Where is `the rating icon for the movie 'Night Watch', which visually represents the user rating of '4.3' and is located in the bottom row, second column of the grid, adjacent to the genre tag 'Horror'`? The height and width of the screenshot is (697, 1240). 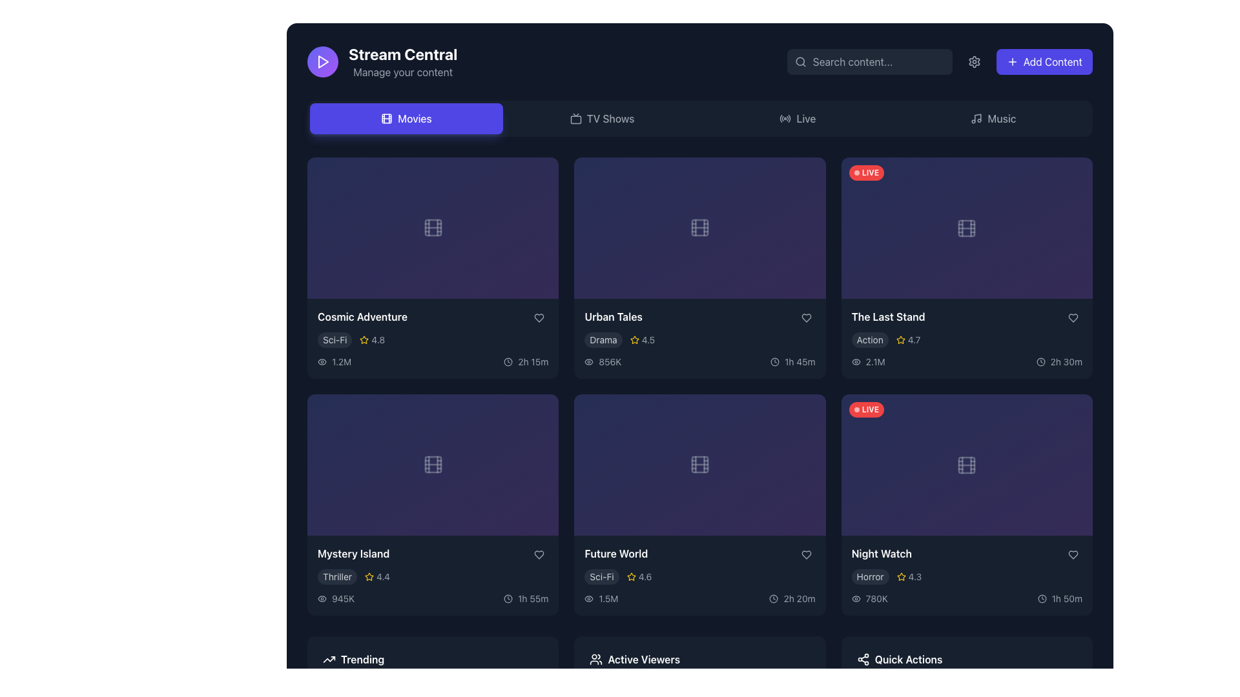 the rating icon for the movie 'Night Watch', which visually represents the user rating of '4.3' and is located in the bottom row, second column of the grid, adjacent to the genre tag 'Horror' is located at coordinates (900, 576).